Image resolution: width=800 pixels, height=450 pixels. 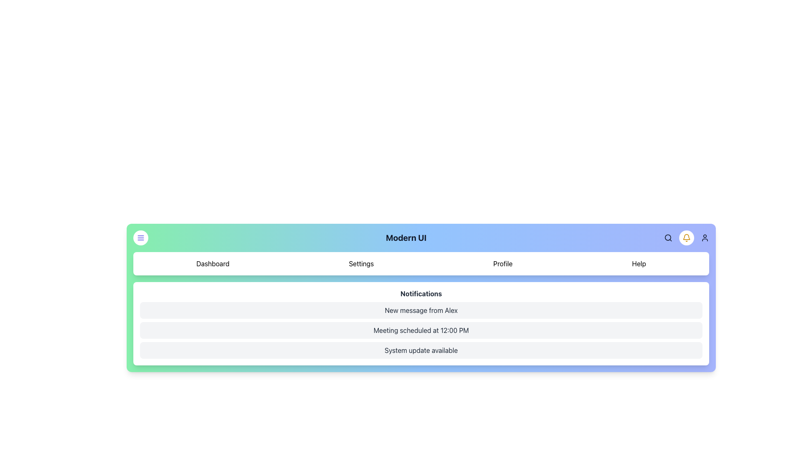 What do you see at coordinates (421, 330) in the screenshot?
I see `the notification bar containing the text 'Meeting scheduled at 12:00 PM', which is styled with a gray background and rounded corners, positioned below 'New message from Alex'` at bounding box center [421, 330].